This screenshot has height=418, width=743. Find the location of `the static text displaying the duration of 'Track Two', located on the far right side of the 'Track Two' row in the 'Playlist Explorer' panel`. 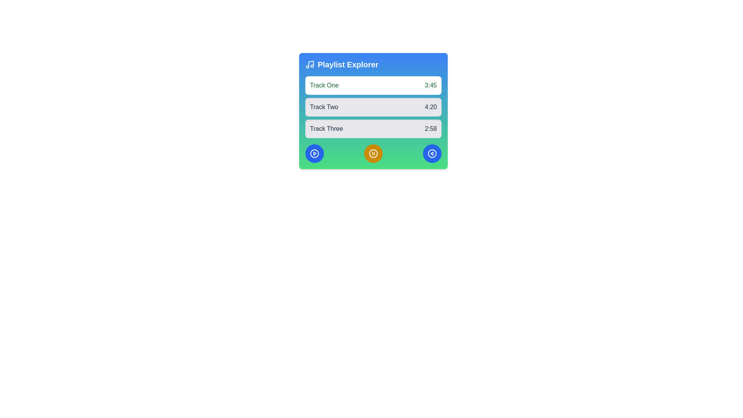

the static text displaying the duration of 'Track Two', located on the far right side of the 'Track Two' row in the 'Playlist Explorer' panel is located at coordinates (430, 107).